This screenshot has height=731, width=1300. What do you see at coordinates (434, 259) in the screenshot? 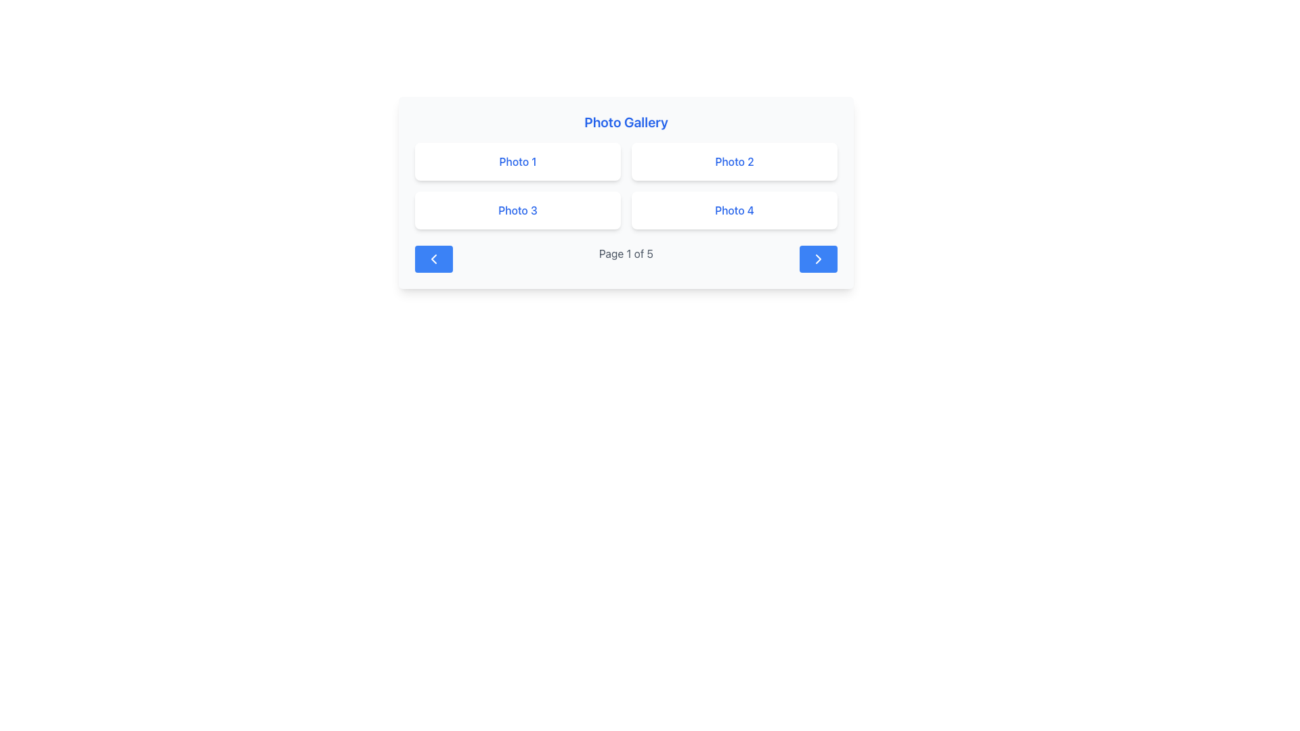
I see `the rectangular blue button with rounded corners that contains a white chevron pointing left, located at the far left of the navigation bar` at bounding box center [434, 259].